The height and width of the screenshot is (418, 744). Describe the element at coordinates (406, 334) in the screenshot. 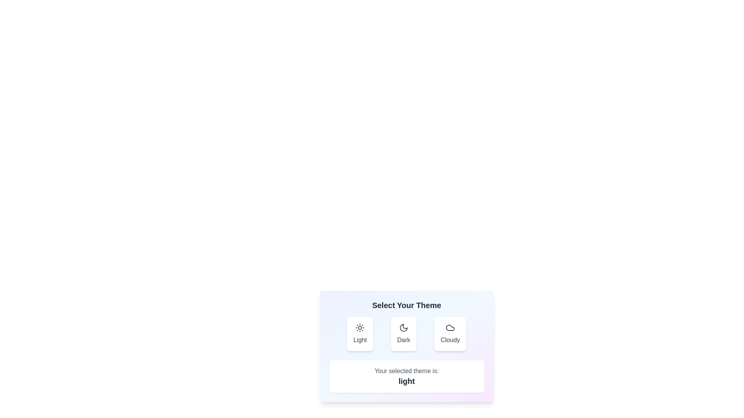

I see `the 'Dark' theme selectable option button located centrally between 'Light' and 'Cloudy' in the 'Select Your Theme' section` at that location.